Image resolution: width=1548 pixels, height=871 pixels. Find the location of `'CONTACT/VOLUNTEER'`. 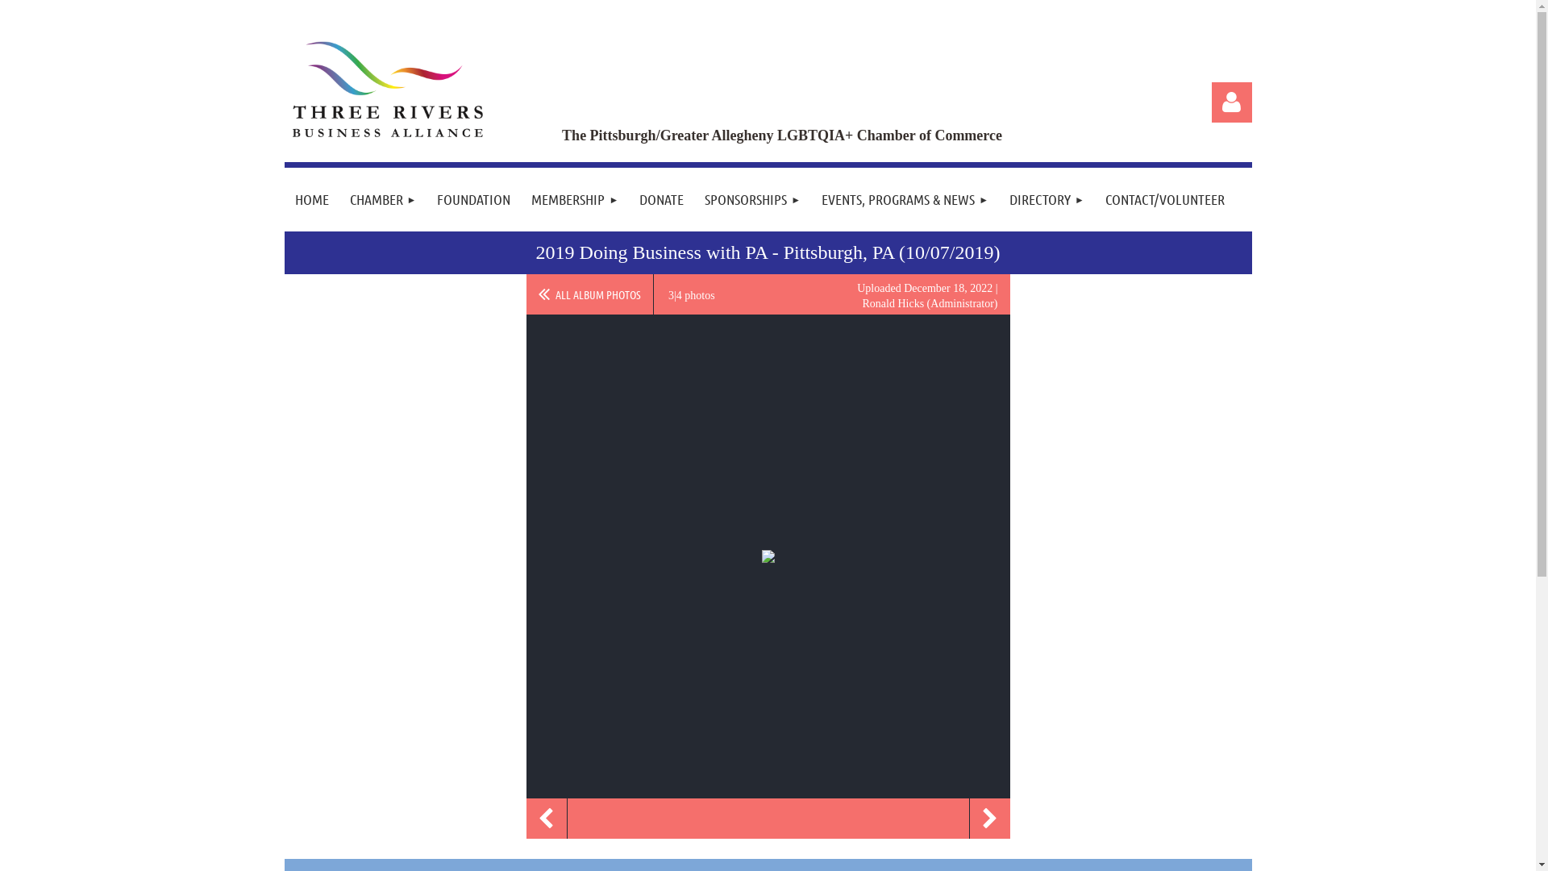

'CONTACT/VOLUNTEER' is located at coordinates (1164, 198).